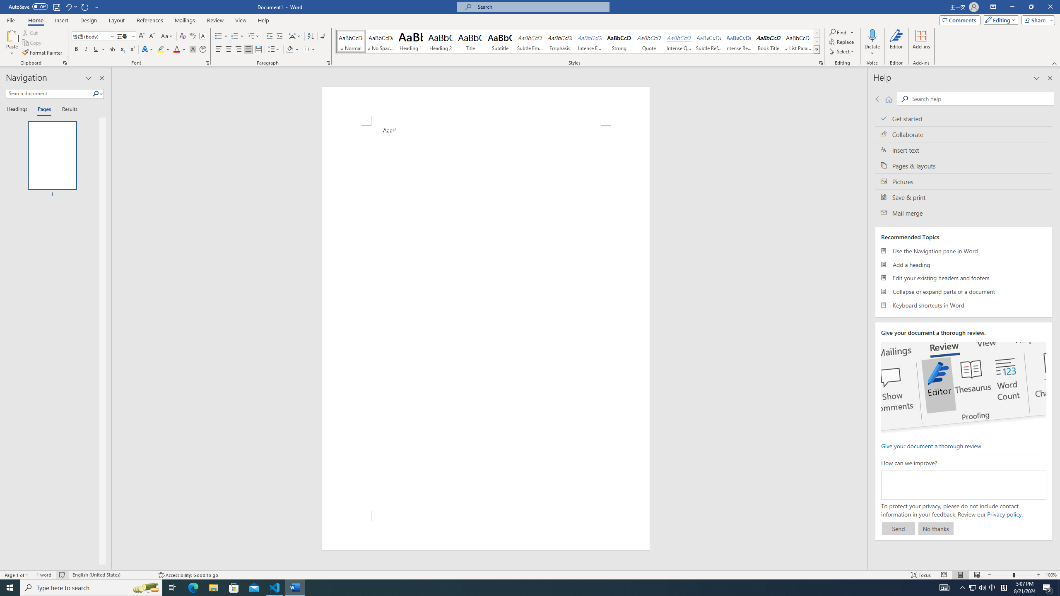 The image size is (1060, 596). What do you see at coordinates (530, 41) in the screenshot?
I see `'Subtle Emphasis'` at bounding box center [530, 41].